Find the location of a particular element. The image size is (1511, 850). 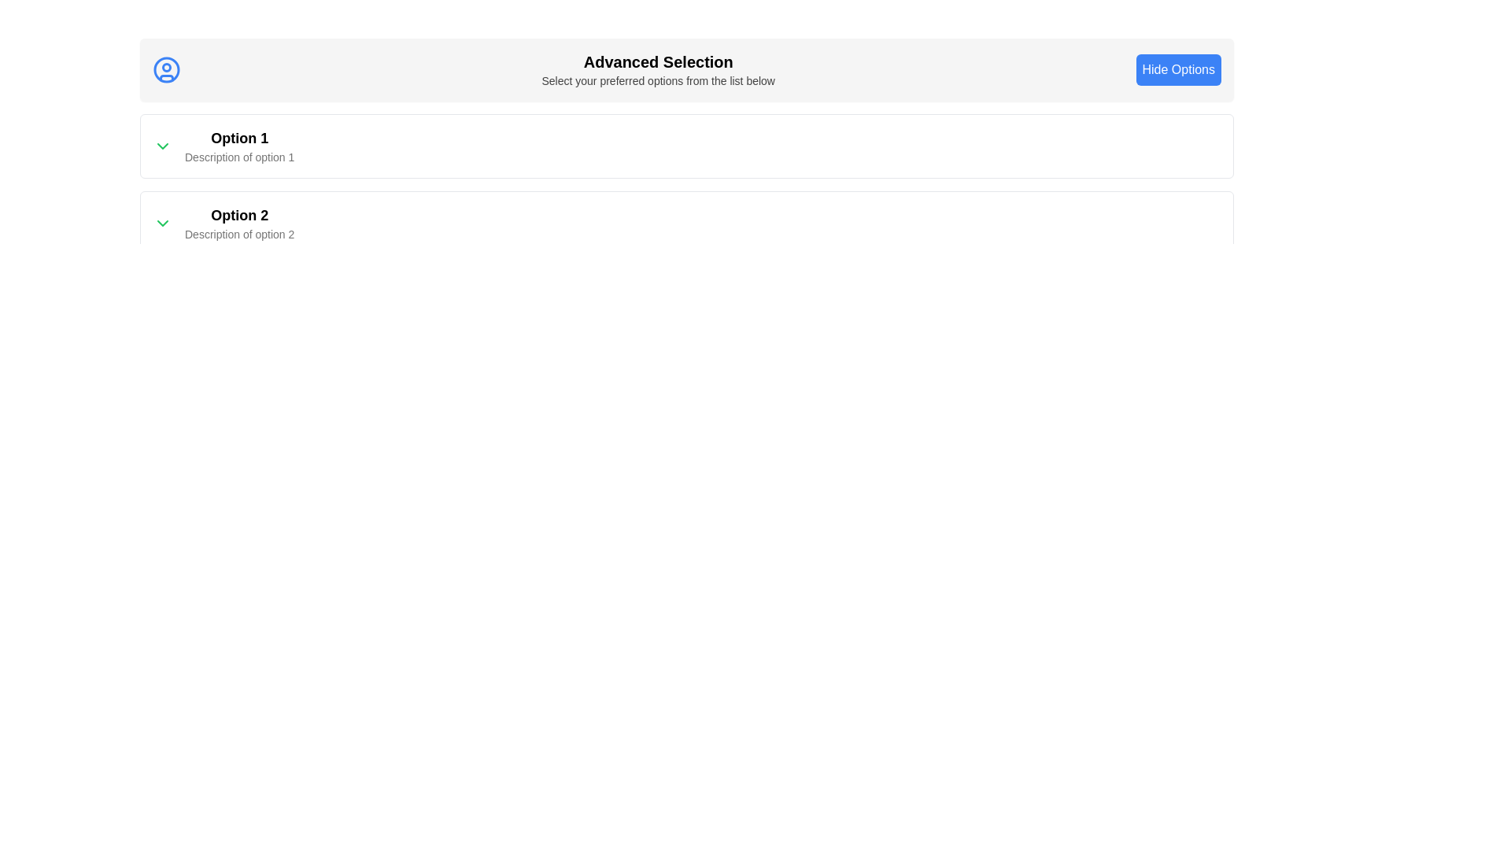

the circular shape that serves as a visual boundary for the user profile icon, located in the top-left region of the user interface is located at coordinates (166, 68).